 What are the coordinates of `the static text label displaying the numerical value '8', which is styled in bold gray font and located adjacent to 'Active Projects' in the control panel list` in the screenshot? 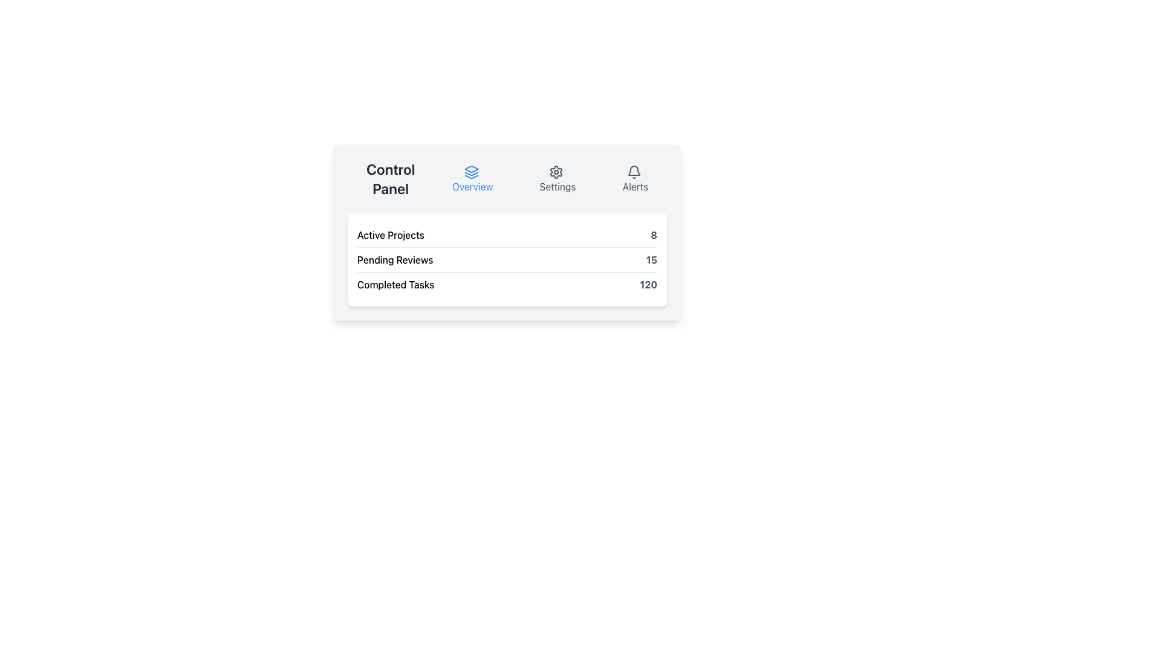 It's located at (653, 235).